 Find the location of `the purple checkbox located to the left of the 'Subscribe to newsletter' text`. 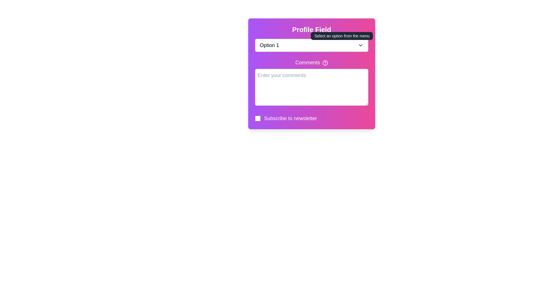

the purple checkbox located to the left of the 'Subscribe to newsletter' text is located at coordinates (258, 118).